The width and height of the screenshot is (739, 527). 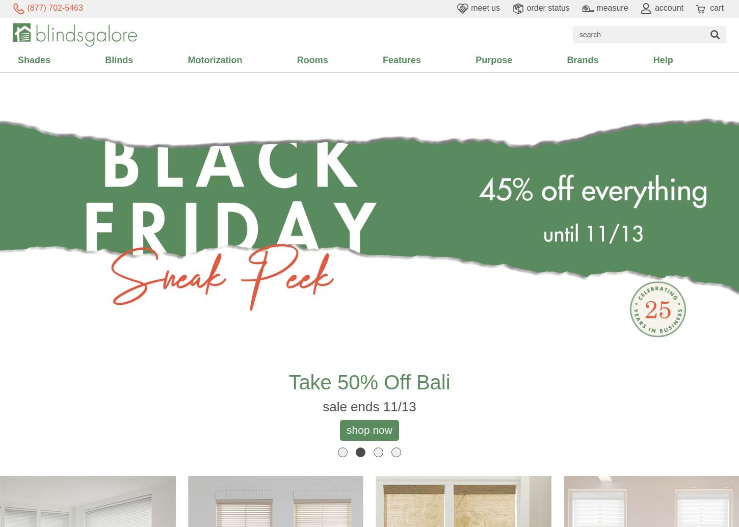 I want to click on 'Purpose', so click(x=494, y=60).